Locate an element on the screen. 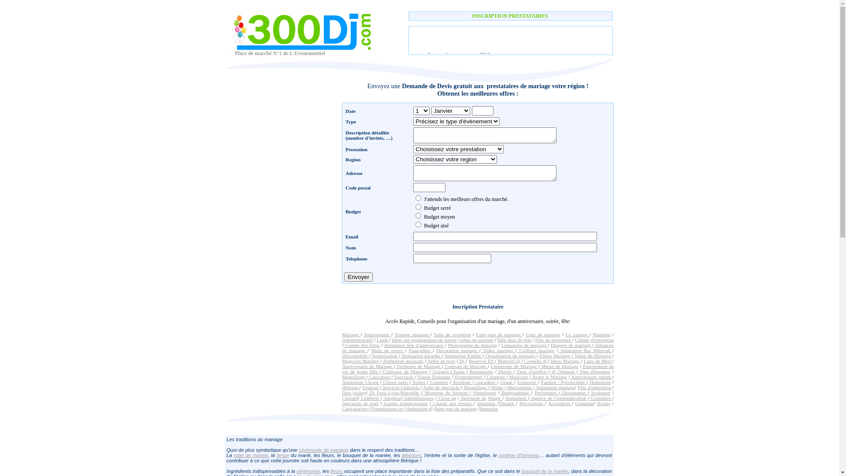 The image size is (846, 476). 'Disc-jockey' is located at coordinates (354, 392).